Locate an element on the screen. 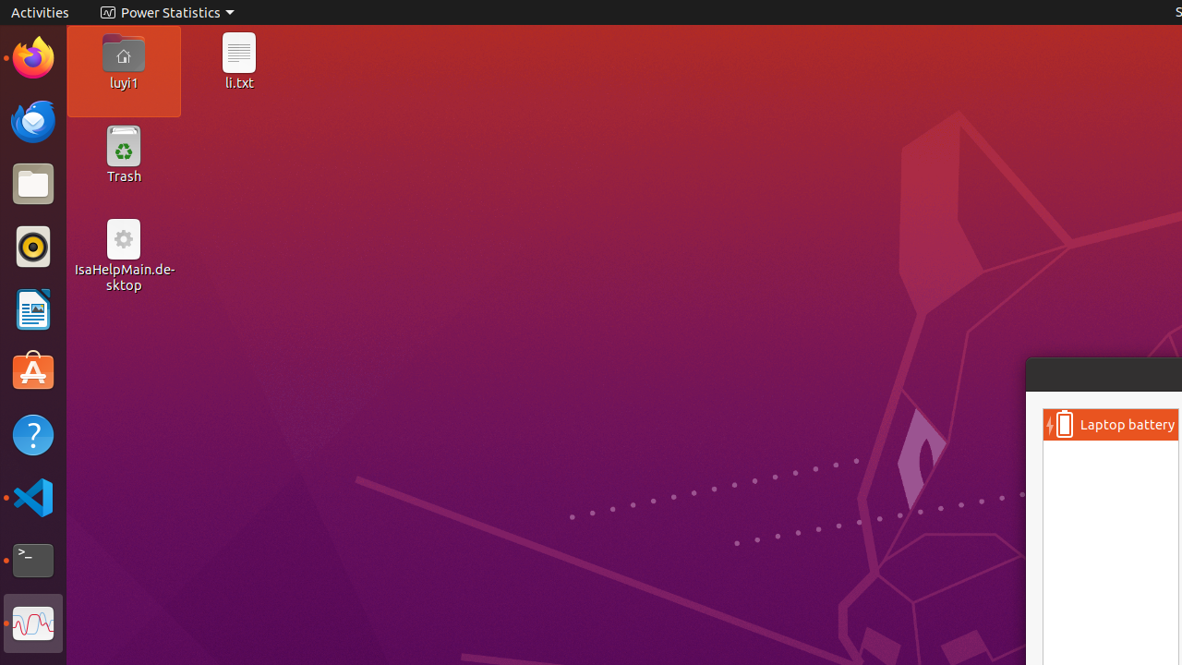 Image resolution: width=1182 pixels, height=665 pixels. 'Firefox Web Browser' is located at coordinates (32, 56).